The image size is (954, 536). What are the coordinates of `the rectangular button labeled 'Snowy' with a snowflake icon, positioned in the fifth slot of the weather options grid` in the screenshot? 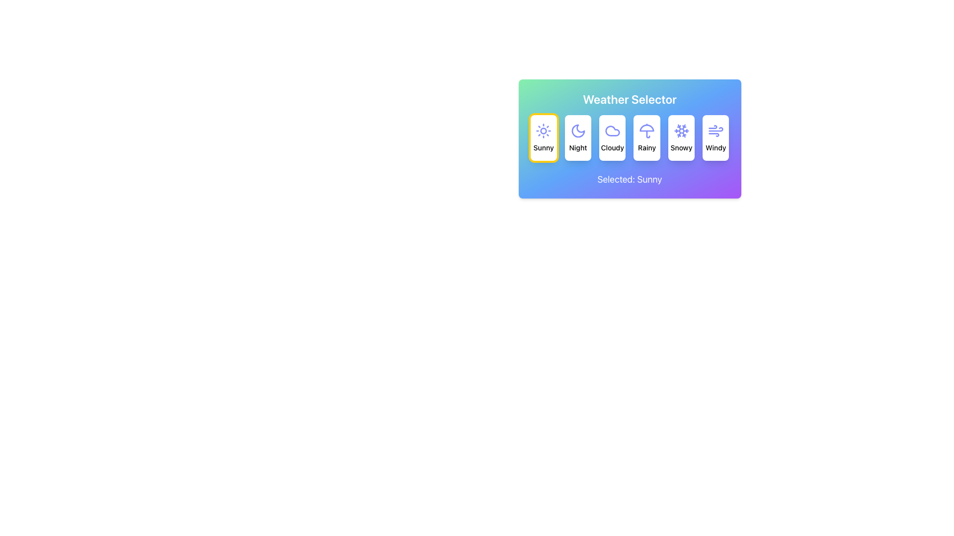 It's located at (681, 137).